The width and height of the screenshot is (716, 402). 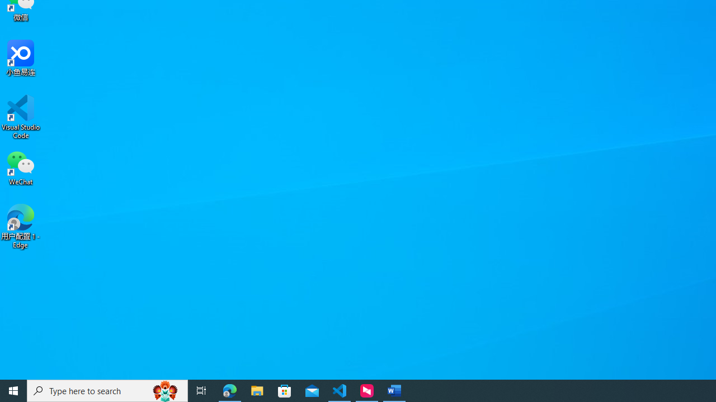 I want to click on 'Microsoft Edge - 1 running window', so click(x=229, y=390).